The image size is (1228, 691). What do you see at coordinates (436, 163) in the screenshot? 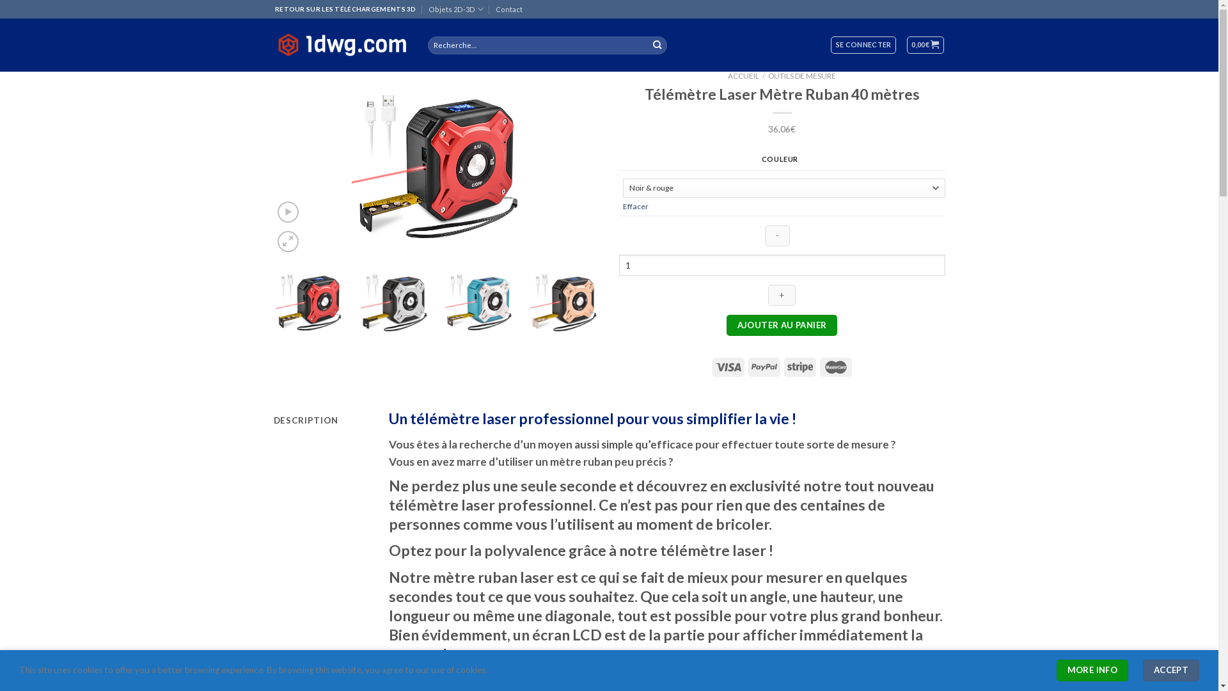
I see `'metre-laser-noir-rouge'` at bounding box center [436, 163].